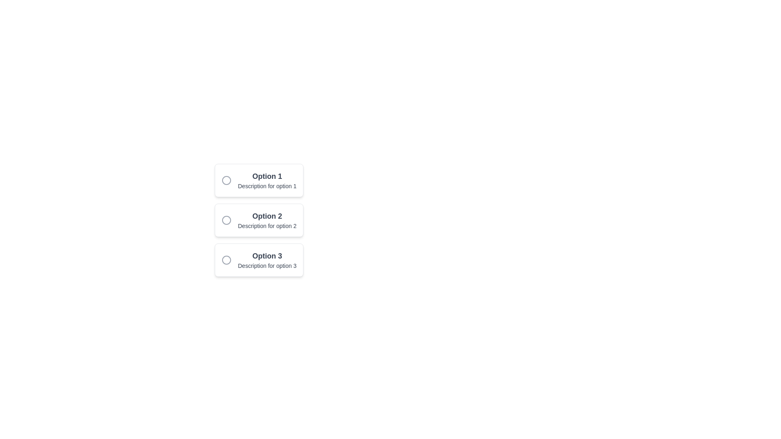 The height and width of the screenshot is (439, 781). I want to click on the second radio button in the vertically stacked group, so click(259, 220).